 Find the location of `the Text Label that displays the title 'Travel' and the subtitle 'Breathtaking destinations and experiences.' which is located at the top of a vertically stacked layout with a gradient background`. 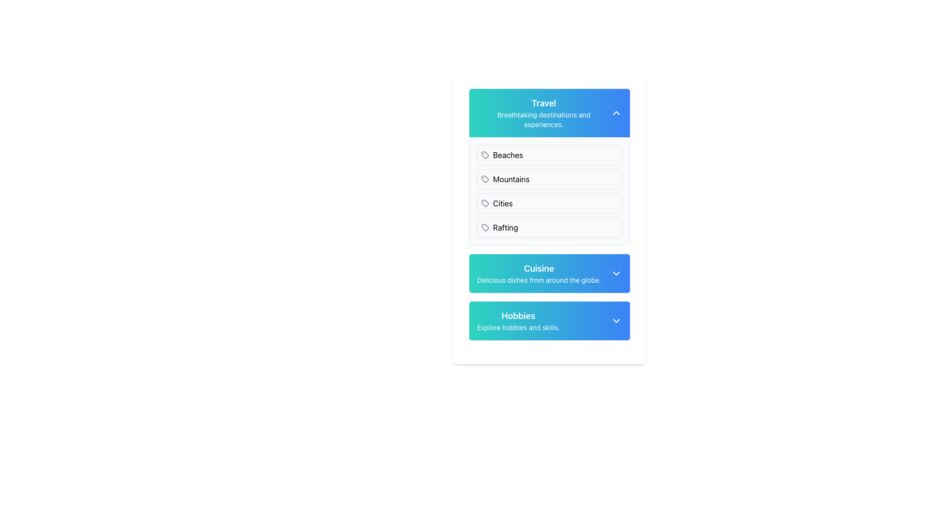

the Text Label that displays the title 'Travel' and the subtitle 'Breathtaking destinations and experiences.' which is located at the top of a vertically stacked layout with a gradient background is located at coordinates (543, 113).